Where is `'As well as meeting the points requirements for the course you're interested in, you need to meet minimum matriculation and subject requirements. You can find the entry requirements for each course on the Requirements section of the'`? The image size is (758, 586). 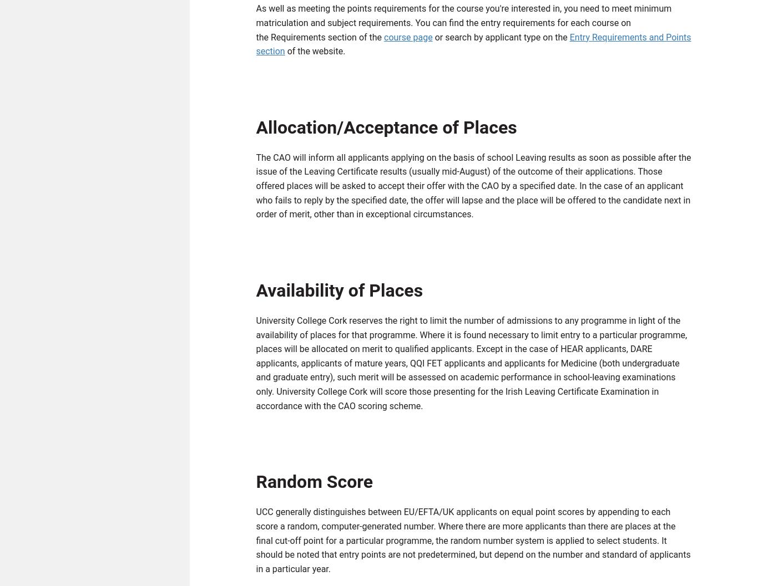
'As well as meeting the points requirements for the course you're interested in, you need to meet minimum matriculation and subject requirements. You can find the entry requirements for each course on the Requirements section of the' is located at coordinates (463, 25).